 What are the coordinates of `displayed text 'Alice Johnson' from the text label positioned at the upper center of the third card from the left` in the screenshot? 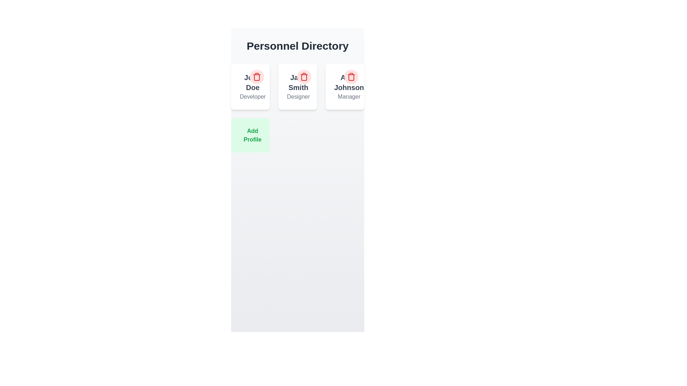 It's located at (349, 82).